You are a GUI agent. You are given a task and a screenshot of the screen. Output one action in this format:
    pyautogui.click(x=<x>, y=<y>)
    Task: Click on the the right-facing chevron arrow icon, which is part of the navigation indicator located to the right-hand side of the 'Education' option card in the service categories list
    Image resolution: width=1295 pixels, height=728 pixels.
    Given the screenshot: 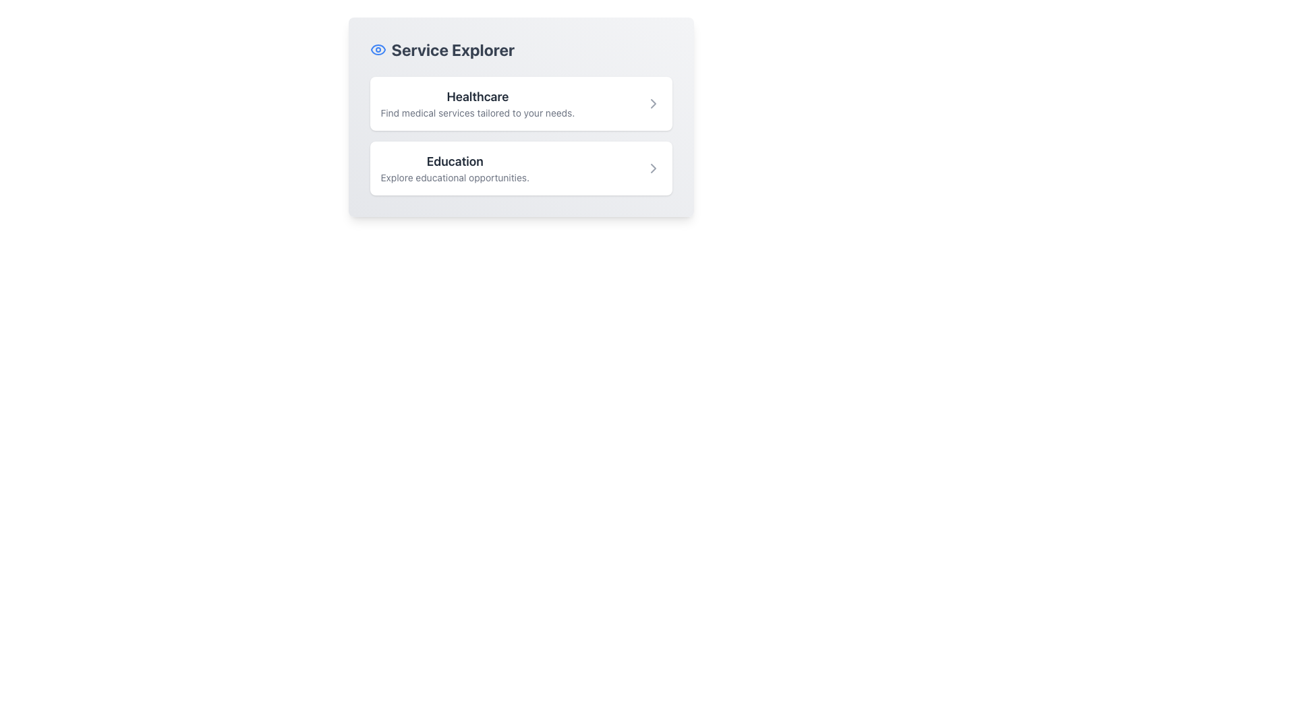 What is the action you would take?
    pyautogui.click(x=653, y=168)
    